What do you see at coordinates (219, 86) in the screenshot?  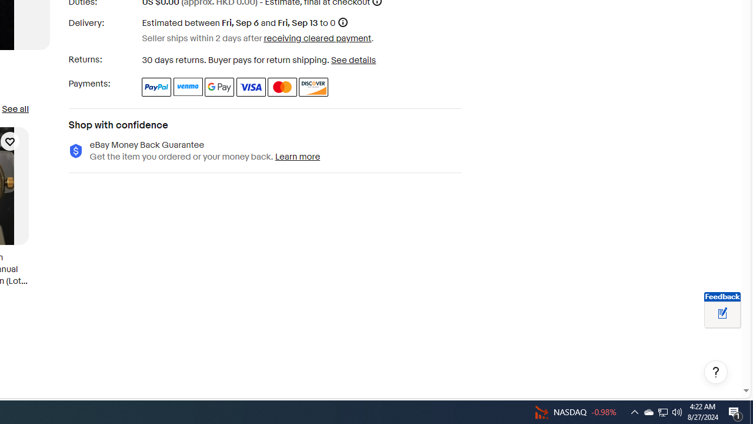 I see `'Google Pay'` at bounding box center [219, 86].